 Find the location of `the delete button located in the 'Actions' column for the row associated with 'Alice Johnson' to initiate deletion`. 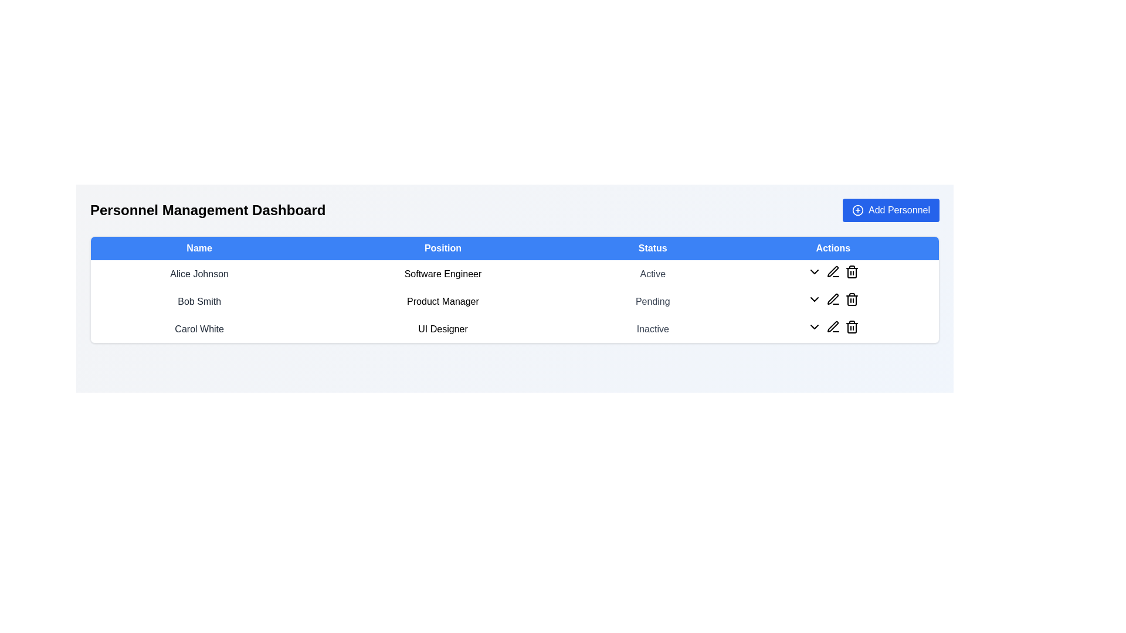

the delete button located in the 'Actions' column for the row associated with 'Alice Johnson' to initiate deletion is located at coordinates (852, 271).